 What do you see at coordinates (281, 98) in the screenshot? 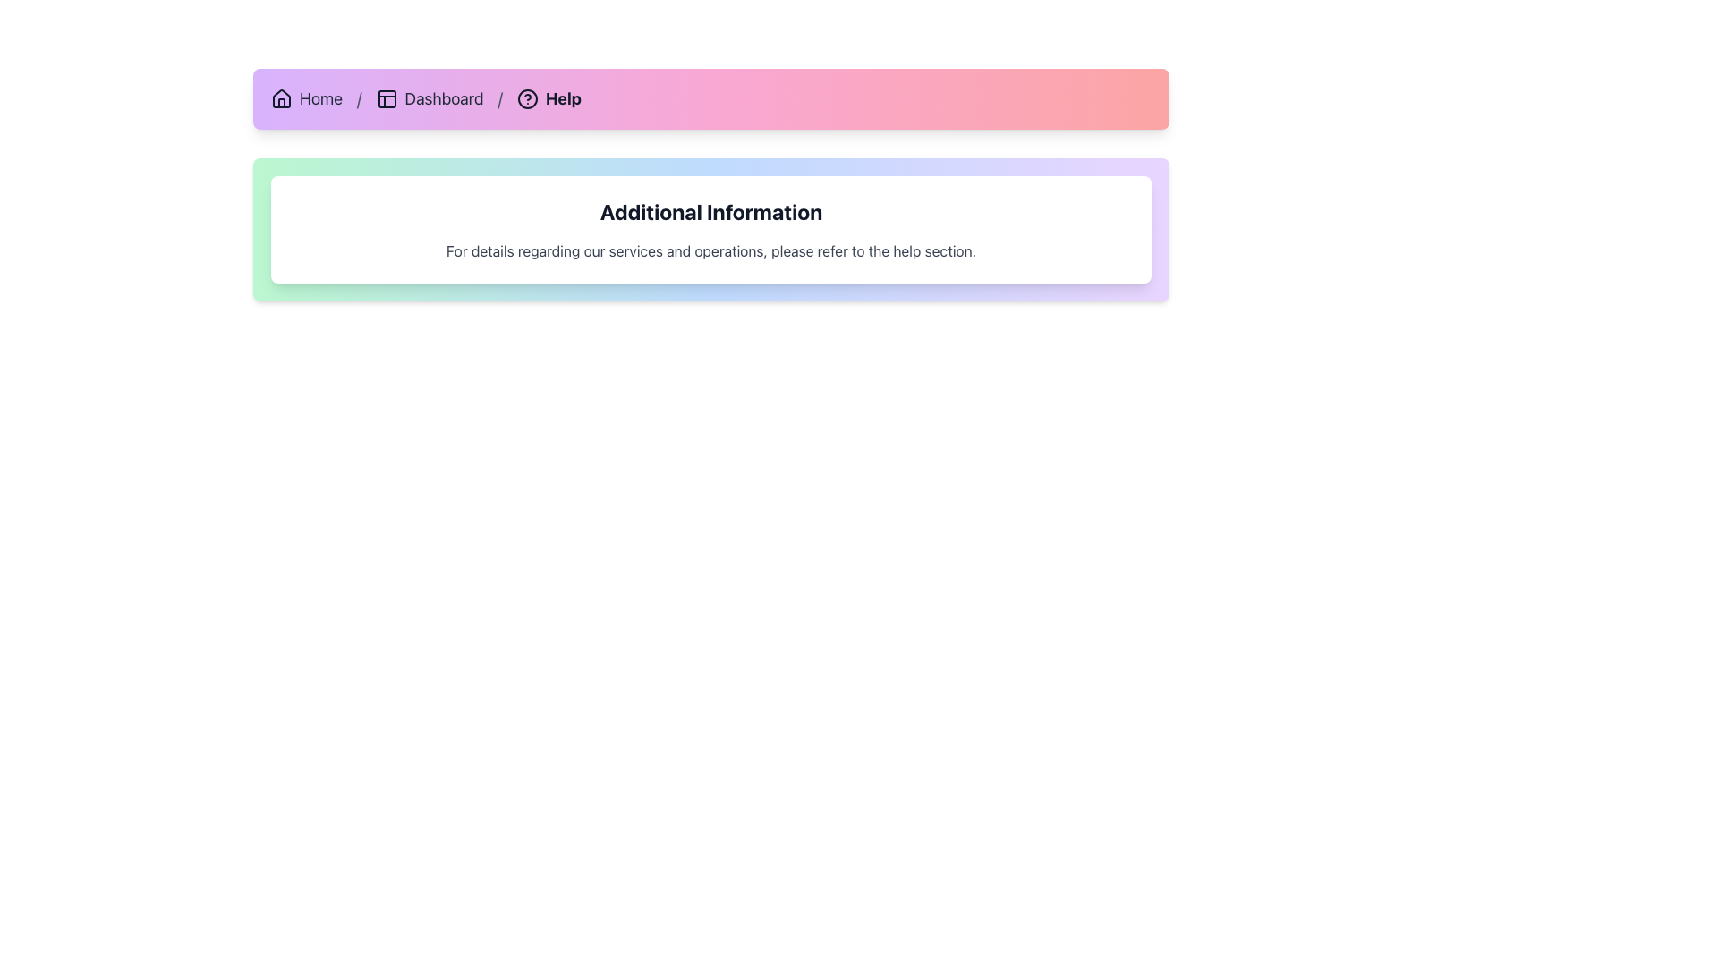
I see `the roof portion of the house icon, which is a triangular shape with a curved bottom, located in the purple navigation bar` at bounding box center [281, 98].